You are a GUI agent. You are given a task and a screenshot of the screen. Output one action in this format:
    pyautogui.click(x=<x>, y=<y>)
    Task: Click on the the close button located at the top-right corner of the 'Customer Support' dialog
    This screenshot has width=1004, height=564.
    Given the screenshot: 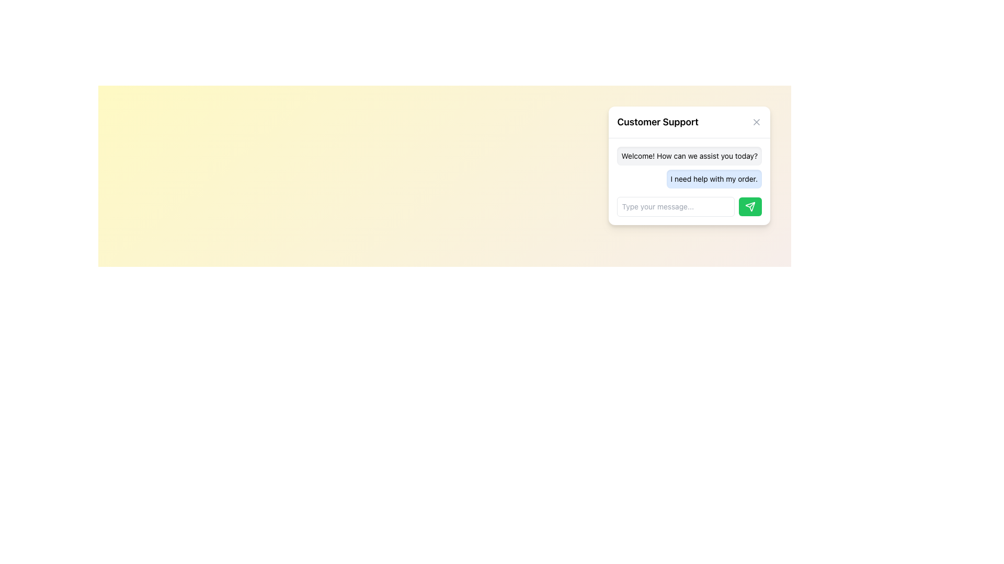 What is the action you would take?
    pyautogui.click(x=756, y=122)
    